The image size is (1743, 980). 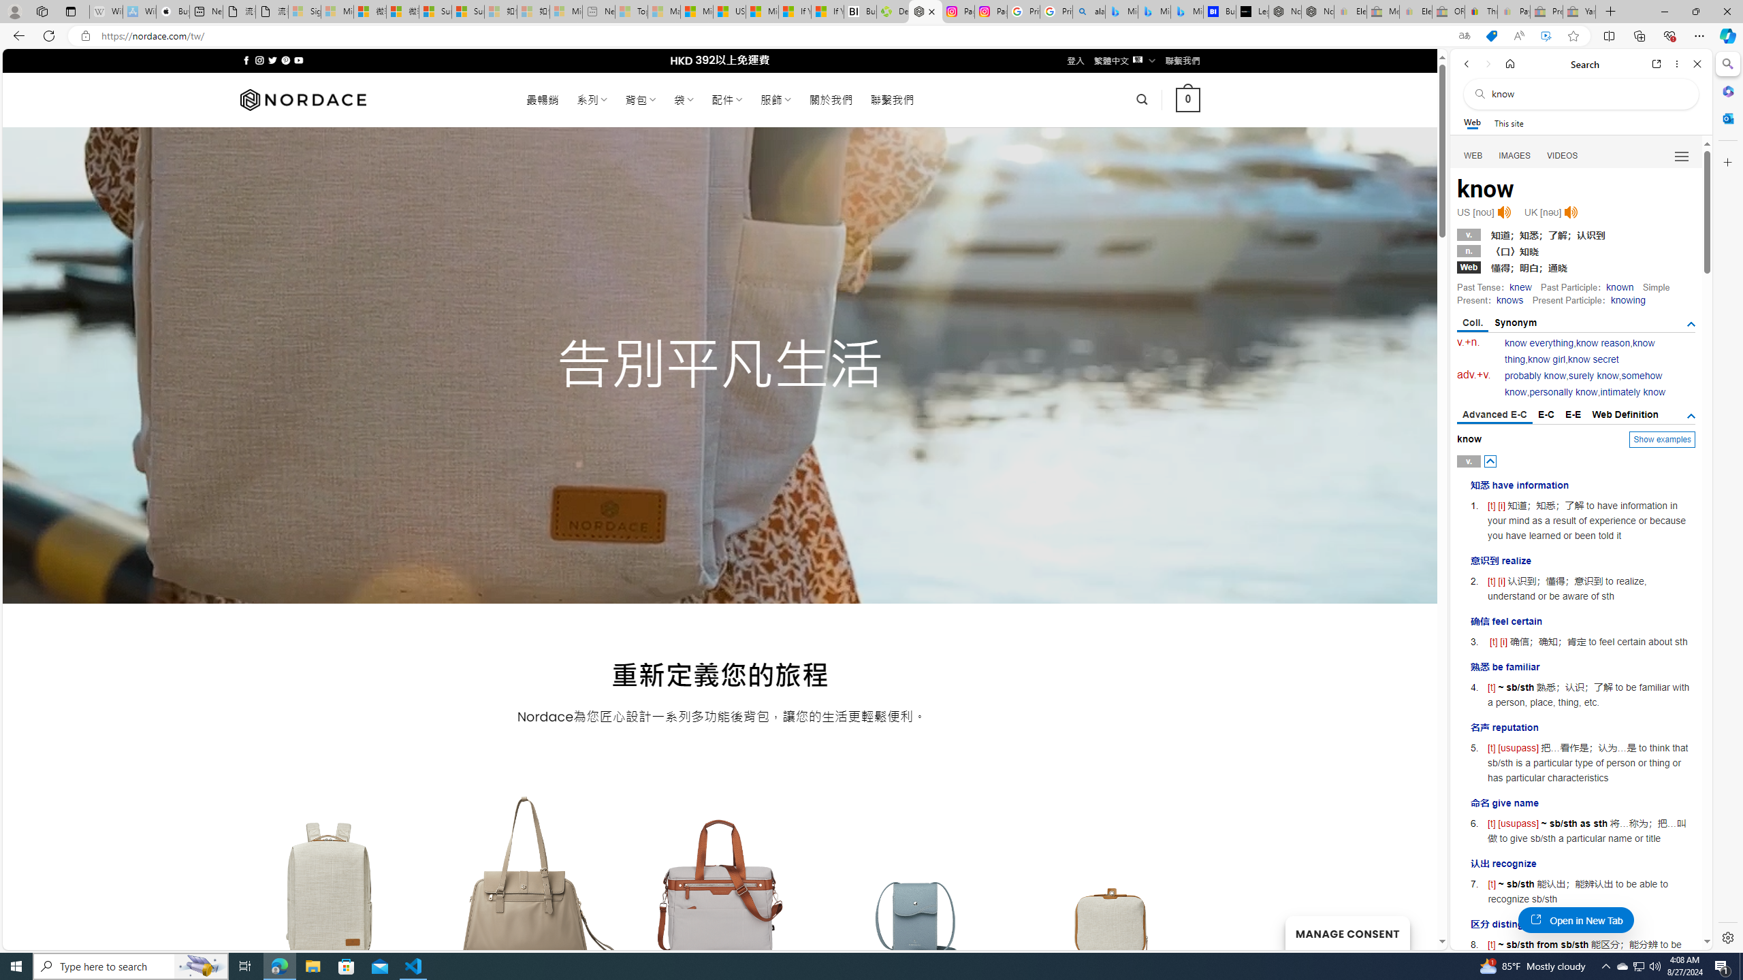 What do you see at coordinates (1538, 342) in the screenshot?
I see `'know everything'` at bounding box center [1538, 342].